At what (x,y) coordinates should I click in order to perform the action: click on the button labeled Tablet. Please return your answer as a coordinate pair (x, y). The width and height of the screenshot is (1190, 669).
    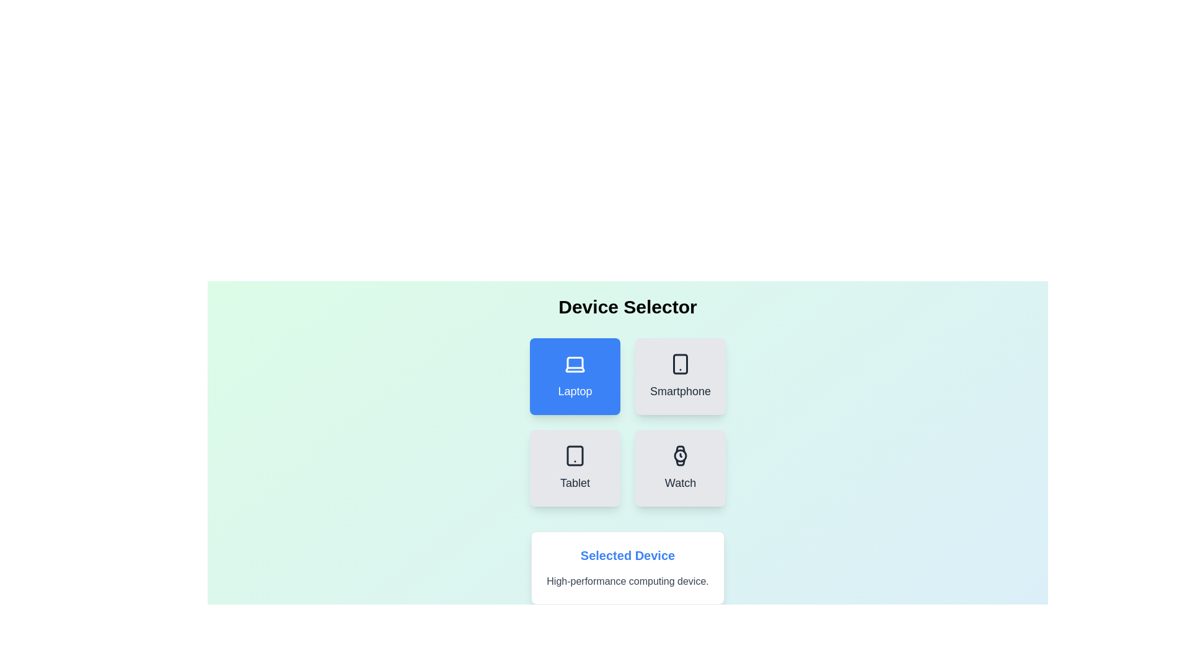
    Looking at the image, I should click on (574, 468).